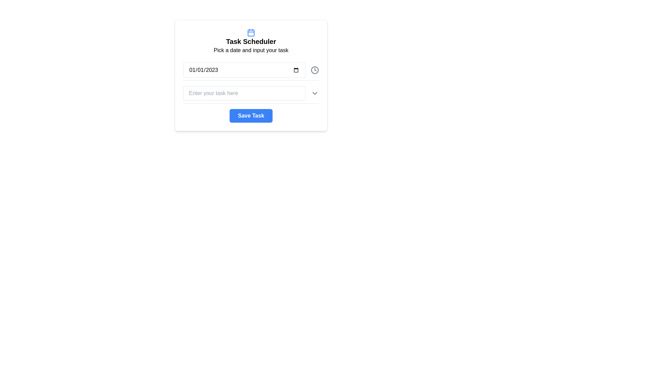 The image size is (655, 368). I want to click on the Text Label that serves as the title for scheduling tasks, positioned between a calendar icon and a subtitle saying 'Pick a date and input your task', so click(250, 41).